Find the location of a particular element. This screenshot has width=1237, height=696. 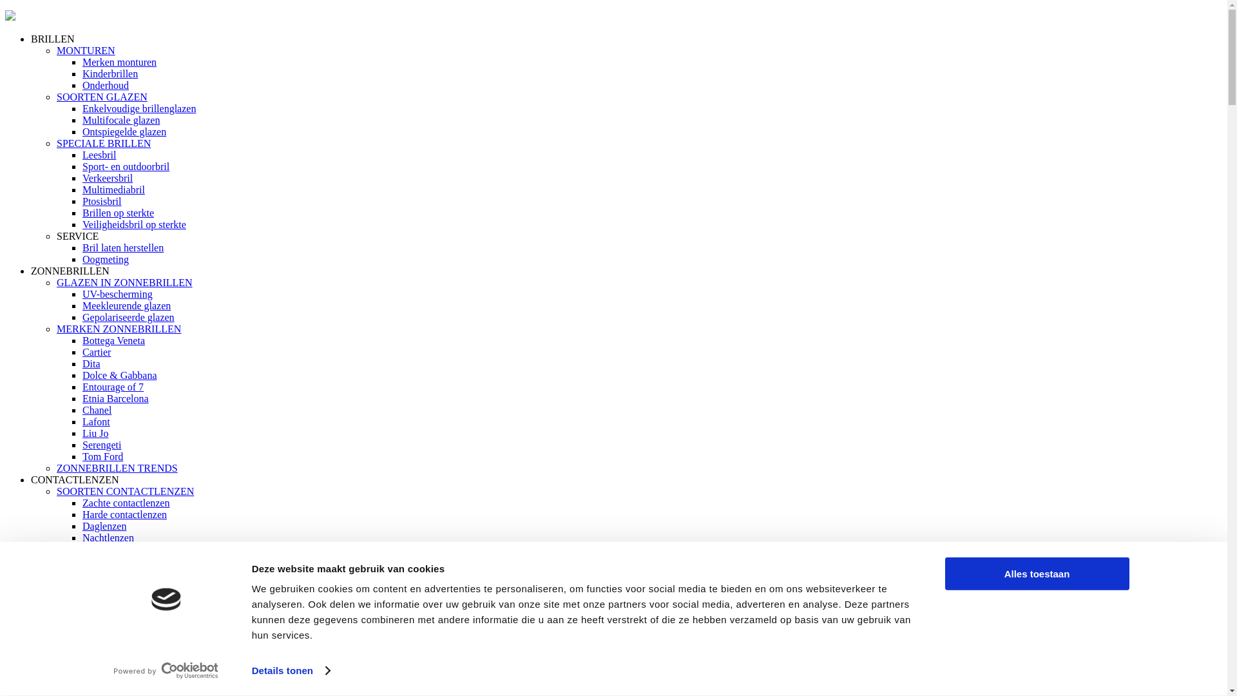

'Multifocale glazen' is located at coordinates (120, 120).